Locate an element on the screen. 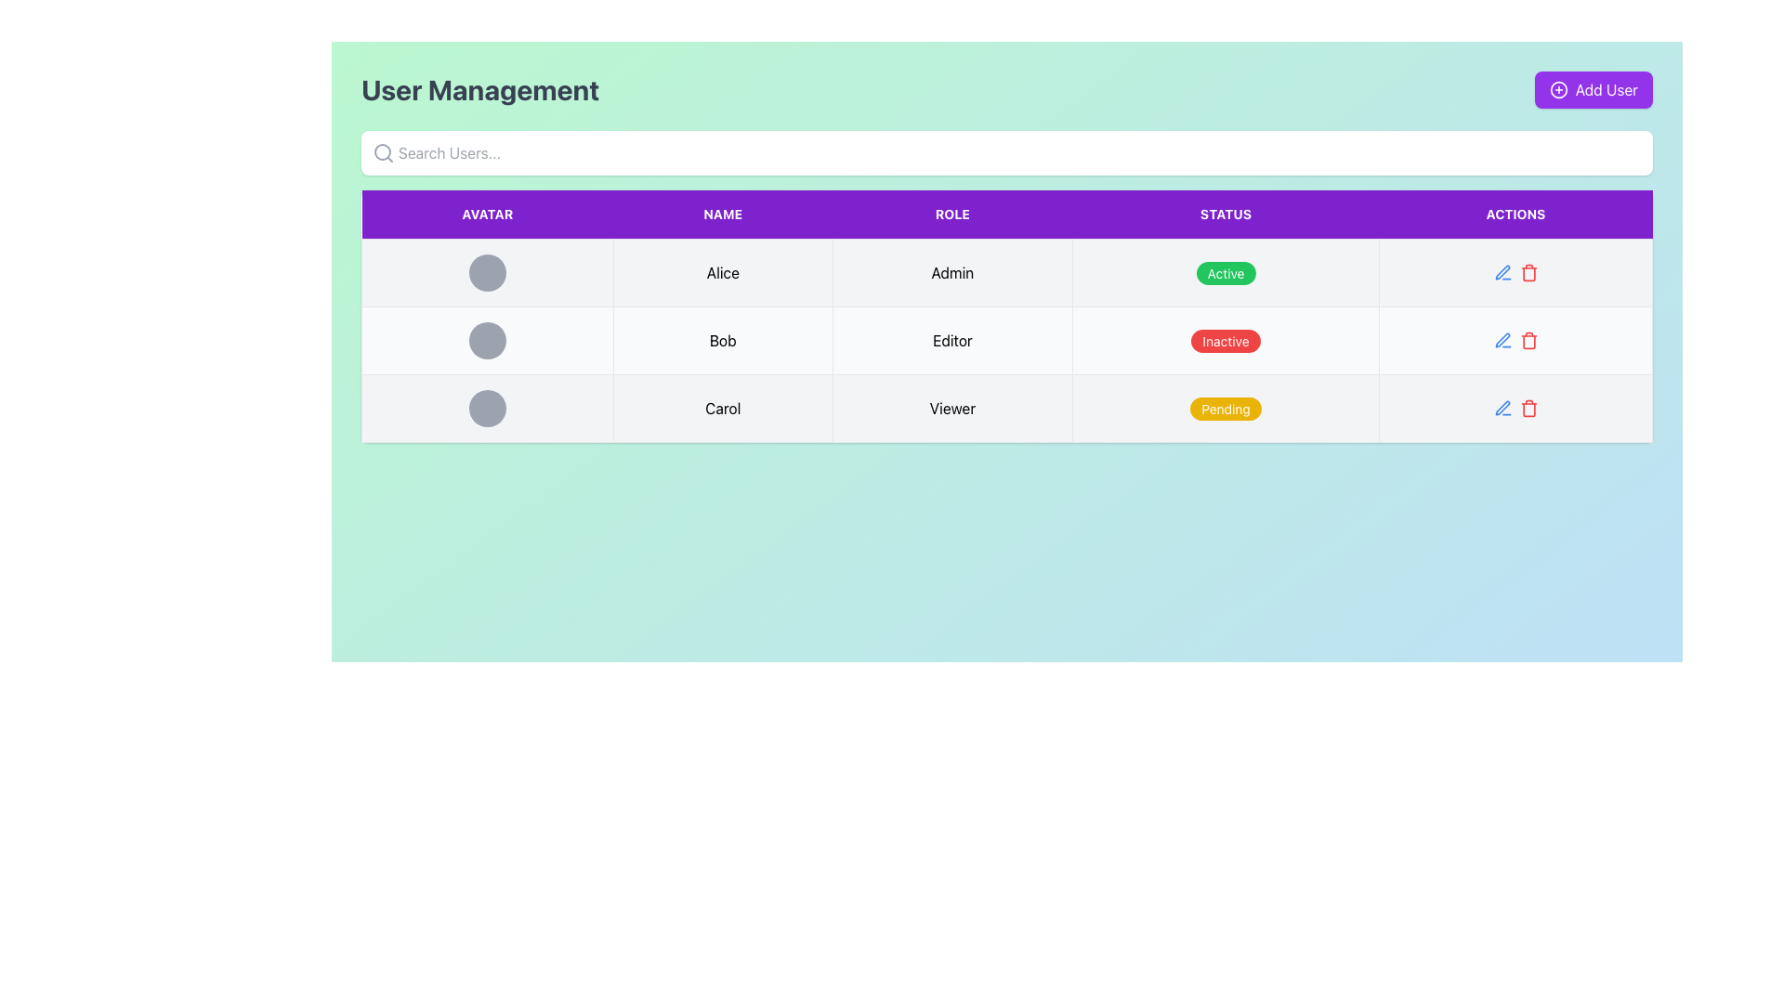  the Interactive icon (svg) located in the second row of the table under the 'Actions' column is located at coordinates (1502, 272).